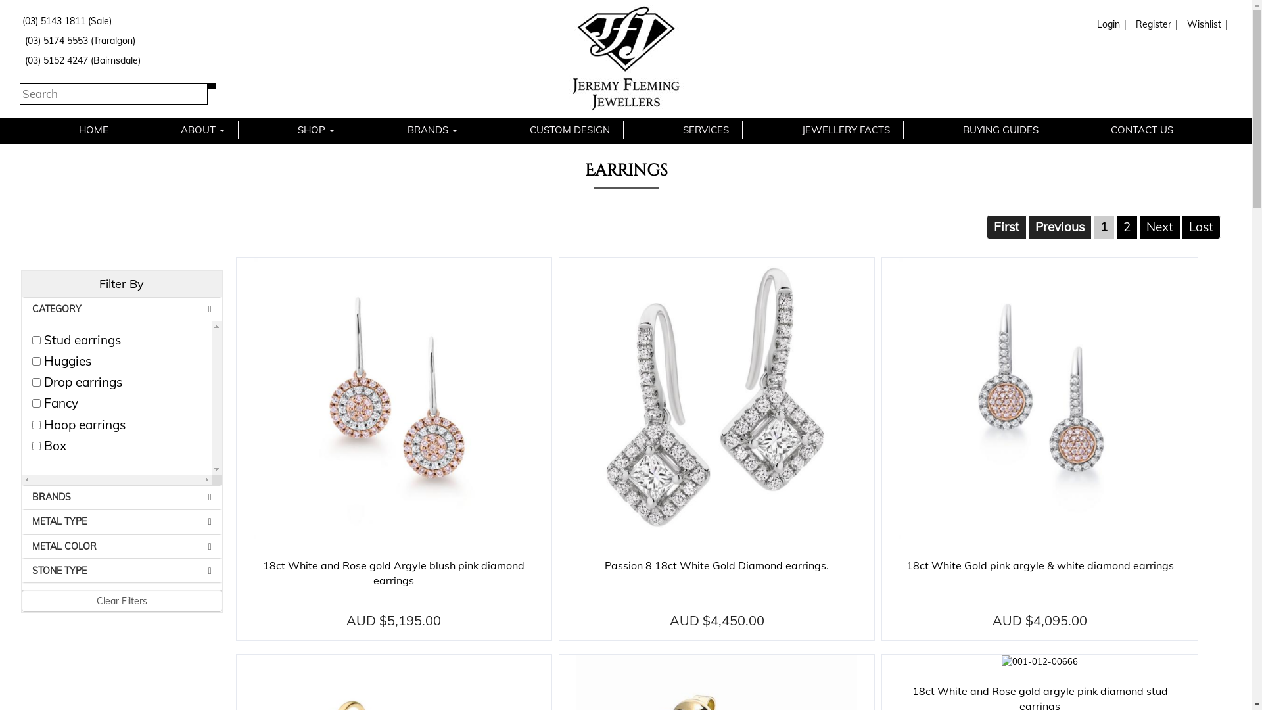 The height and width of the screenshot is (710, 1262). What do you see at coordinates (1104, 225) in the screenshot?
I see `'1'` at bounding box center [1104, 225].